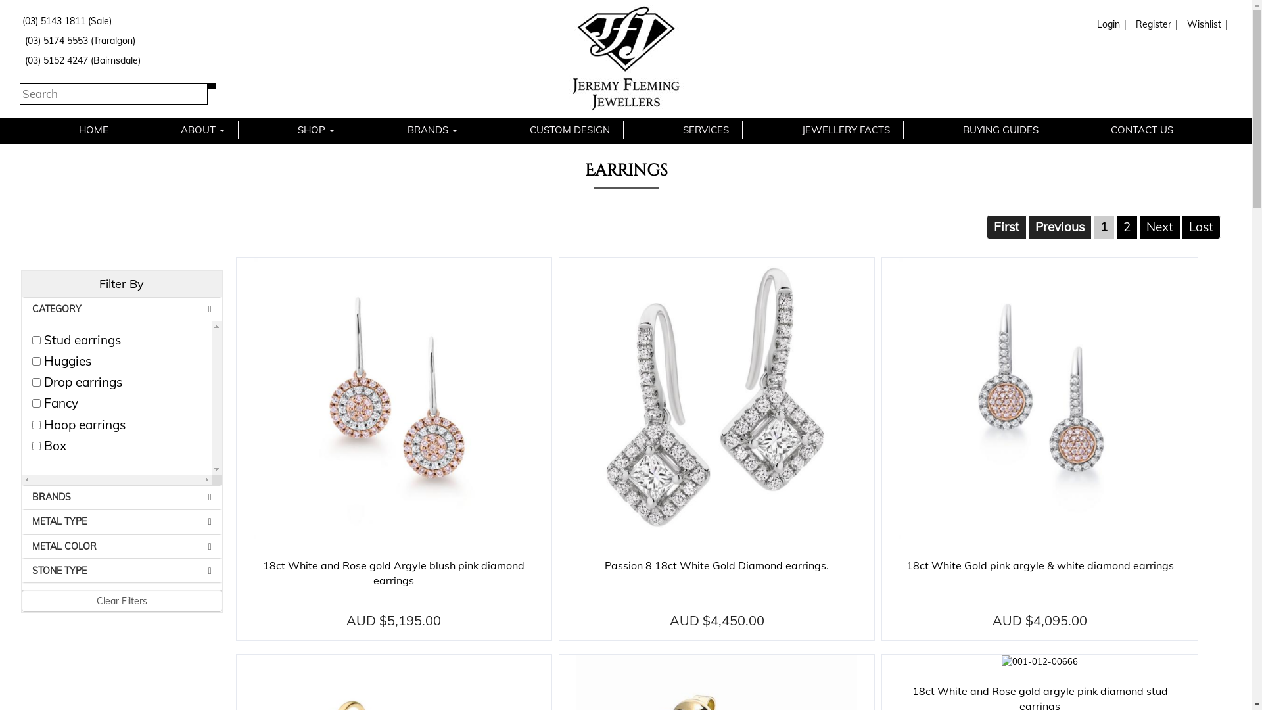 The height and width of the screenshot is (710, 1262). What do you see at coordinates (1104, 225) in the screenshot?
I see `'1'` at bounding box center [1104, 225].